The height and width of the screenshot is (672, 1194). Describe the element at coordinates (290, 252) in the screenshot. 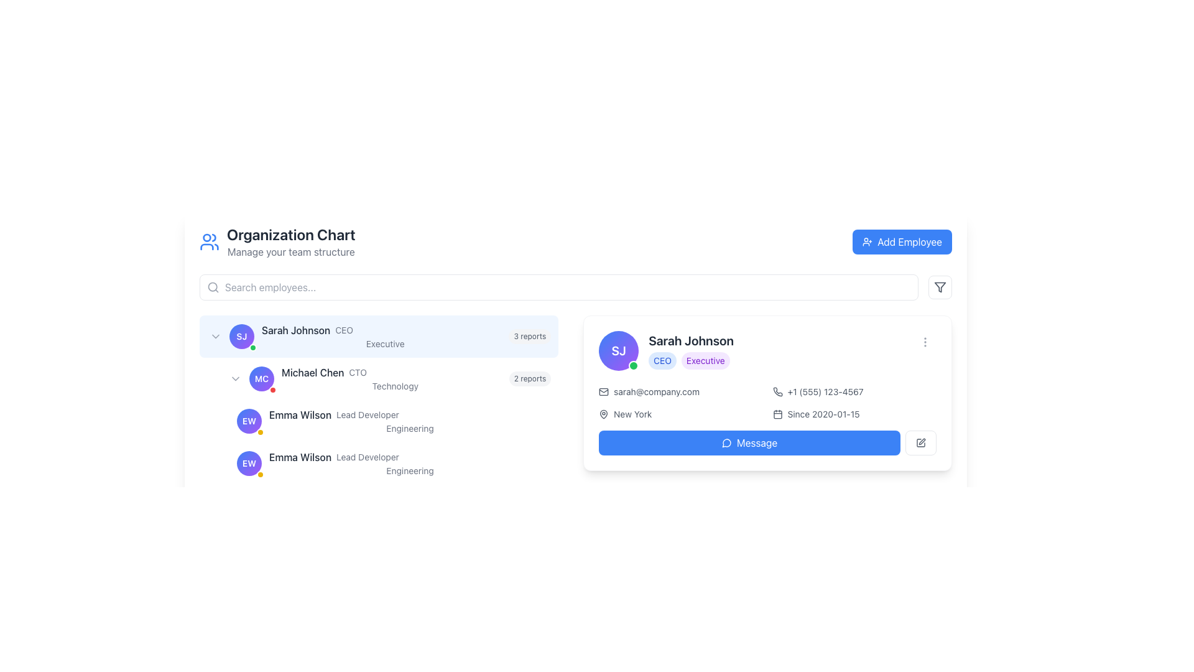

I see `text label located directly beneath the 'Organization Chart' heading, which provides additional description or context for that section` at that location.